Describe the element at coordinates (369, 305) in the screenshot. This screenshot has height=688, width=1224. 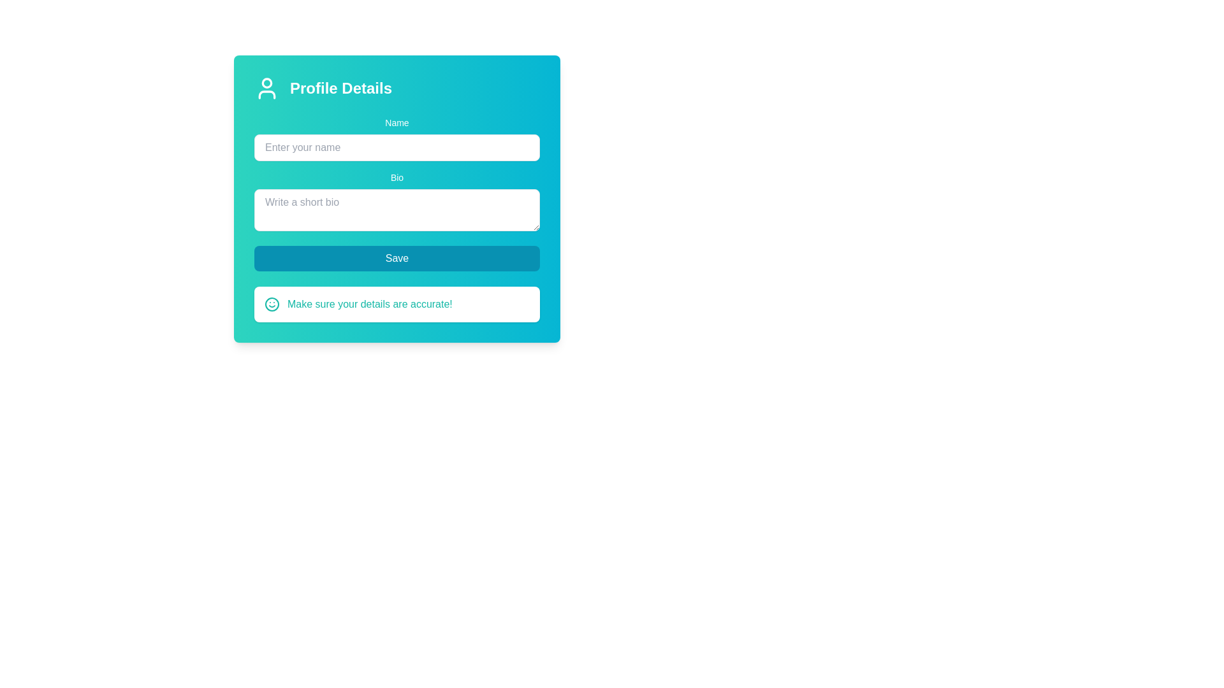
I see `the informational text displaying 'Make sure your details are accurate!' in a teal-colored font, located within a white rectangular box below the 'Save' button` at that location.